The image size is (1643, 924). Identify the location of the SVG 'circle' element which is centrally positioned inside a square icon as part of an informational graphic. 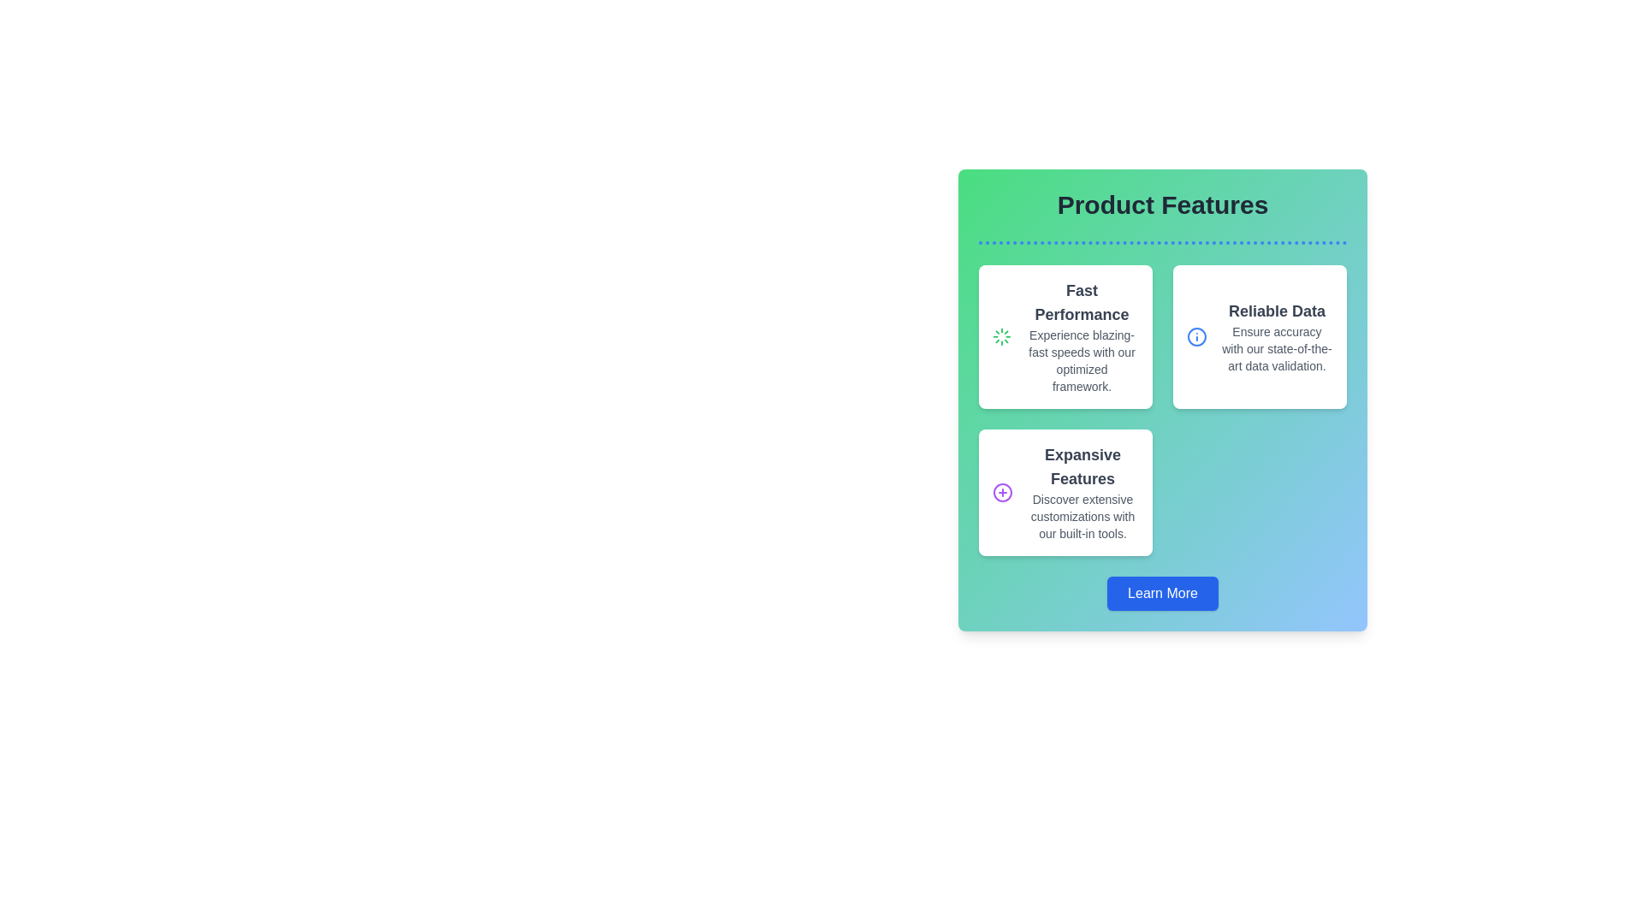
(1195, 336).